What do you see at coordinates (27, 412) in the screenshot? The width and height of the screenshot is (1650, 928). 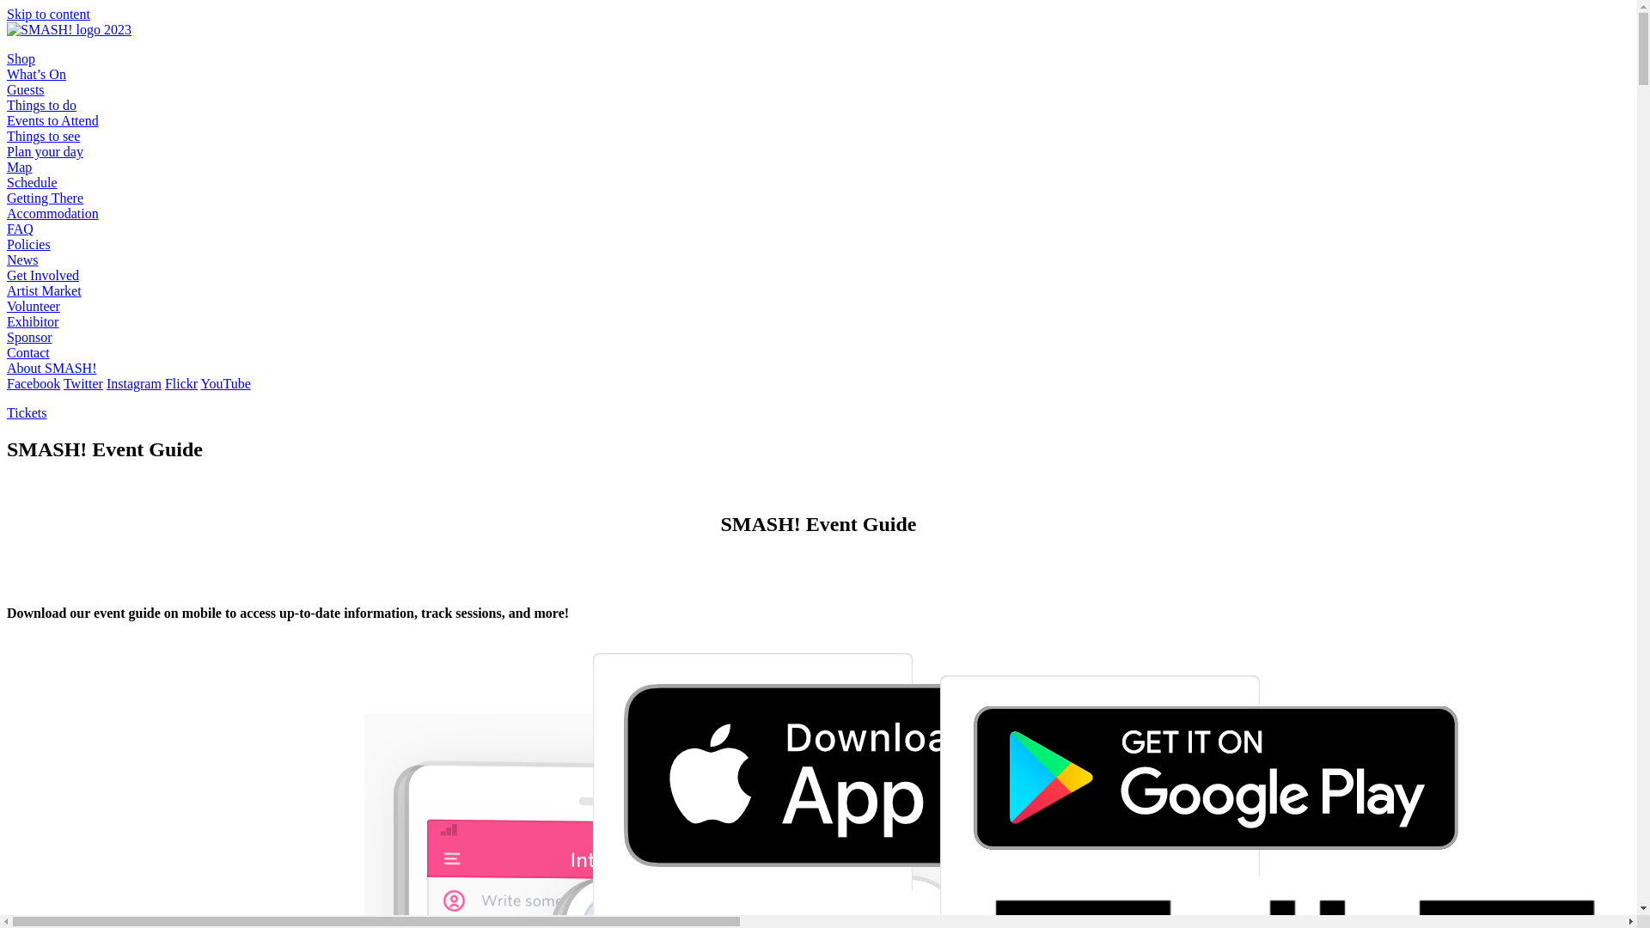 I see `'Tickets'` at bounding box center [27, 412].